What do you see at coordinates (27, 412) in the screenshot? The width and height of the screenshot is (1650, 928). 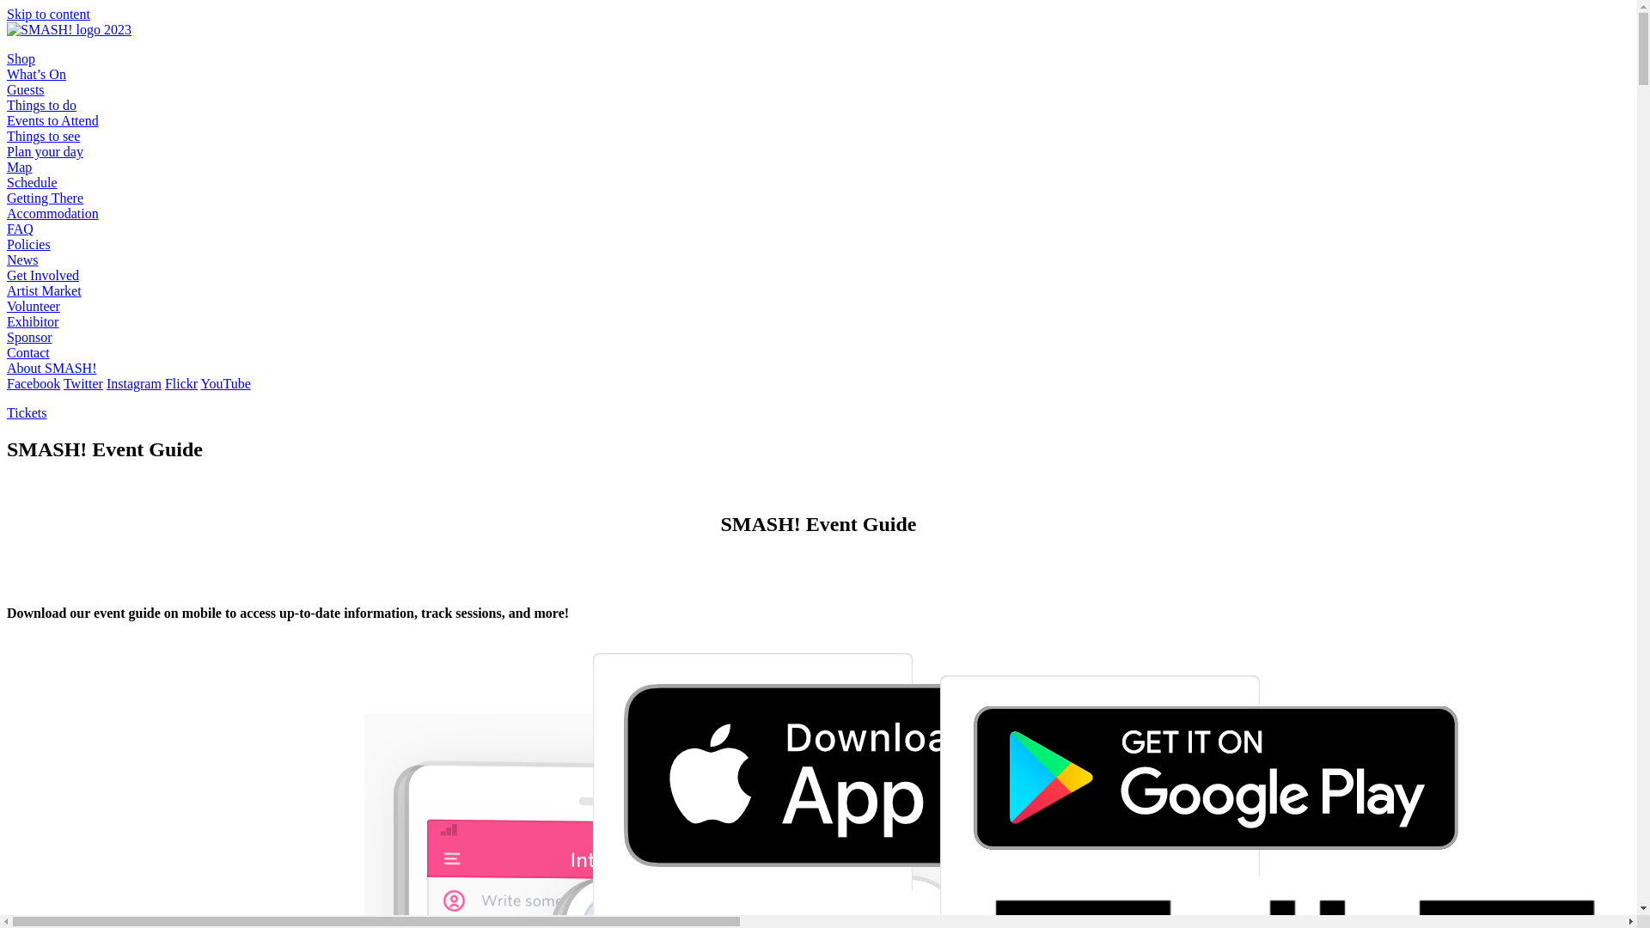 I see `'Tickets'` at bounding box center [27, 412].